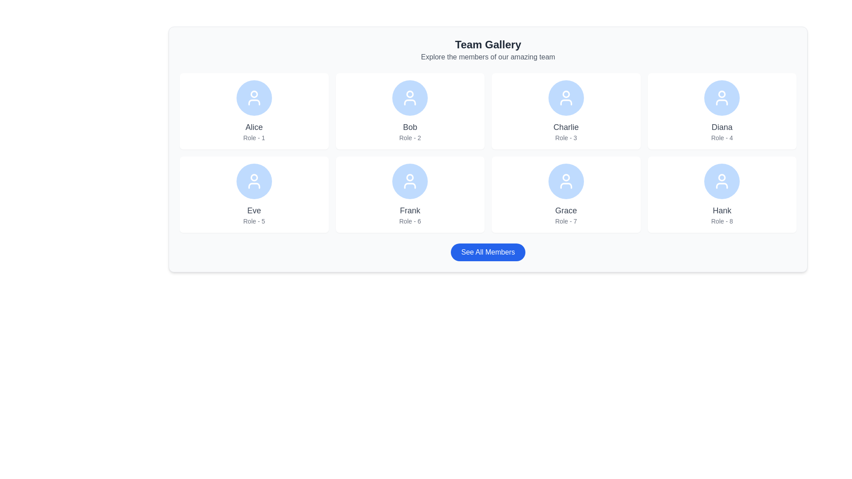 This screenshot has height=479, width=852. What do you see at coordinates (722, 110) in the screenshot?
I see `the team member card located in the upper-right section of the grid layout, positioned in the first row, fourth column, adjacent to the card labeled 'Charlie' and above the card labeled 'Hank'` at bounding box center [722, 110].